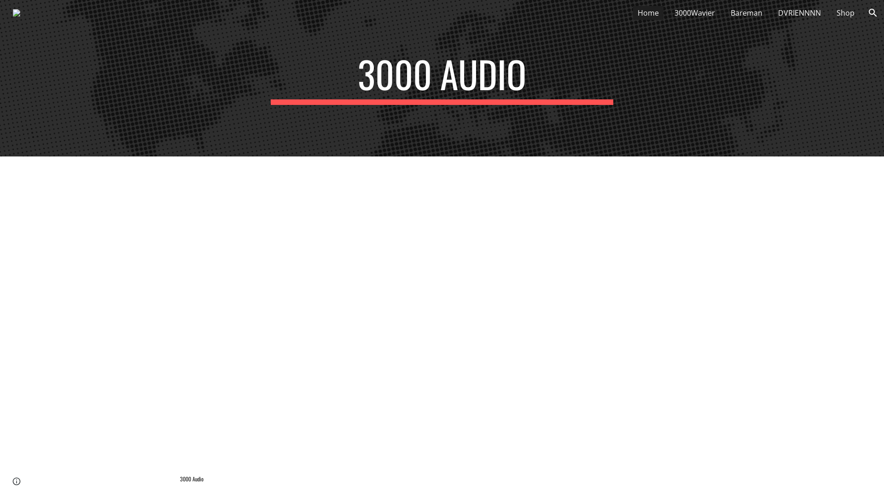 Image resolution: width=884 pixels, height=497 pixels. I want to click on 'Shop', so click(845, 12).